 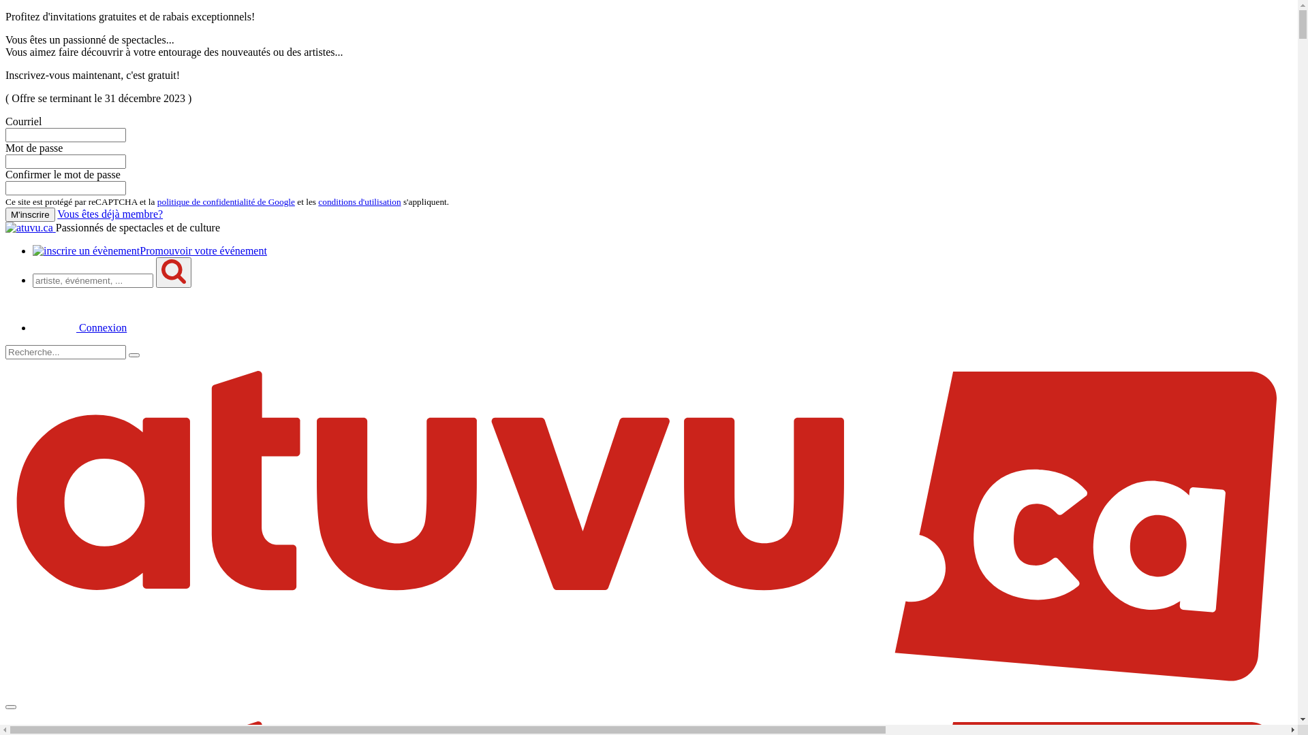 I want to click on 'M'inscrire', so click(x=30, y=214).